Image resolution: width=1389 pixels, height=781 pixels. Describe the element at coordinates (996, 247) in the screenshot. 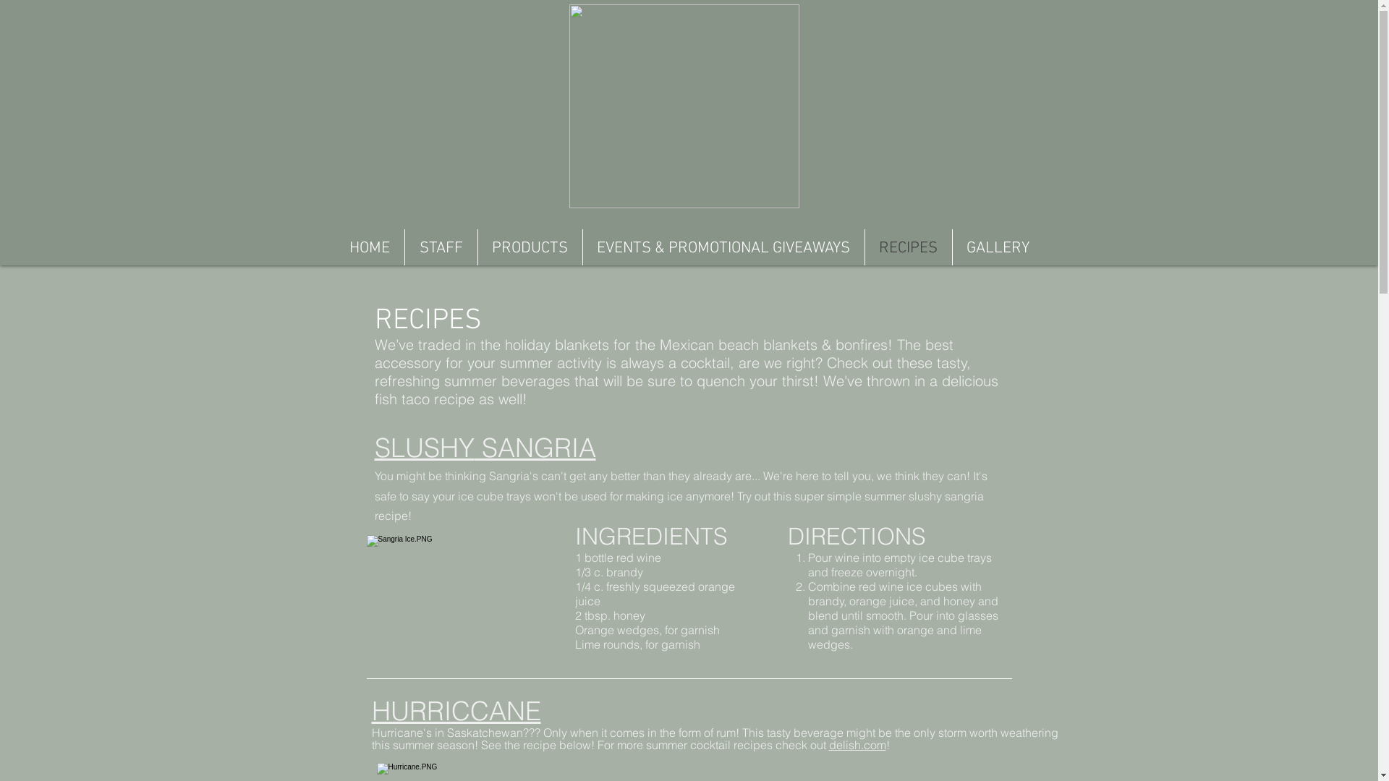

I see `'GALLERY'` at that location.